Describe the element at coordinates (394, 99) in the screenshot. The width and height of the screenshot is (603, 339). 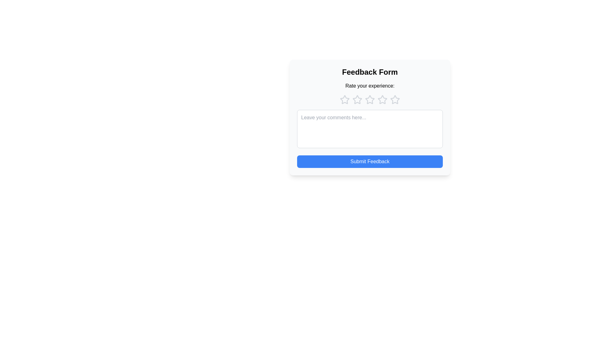
I see `the last interactive star icon in the feedback form located beneath the 'Rate your experience' heading` at that location.